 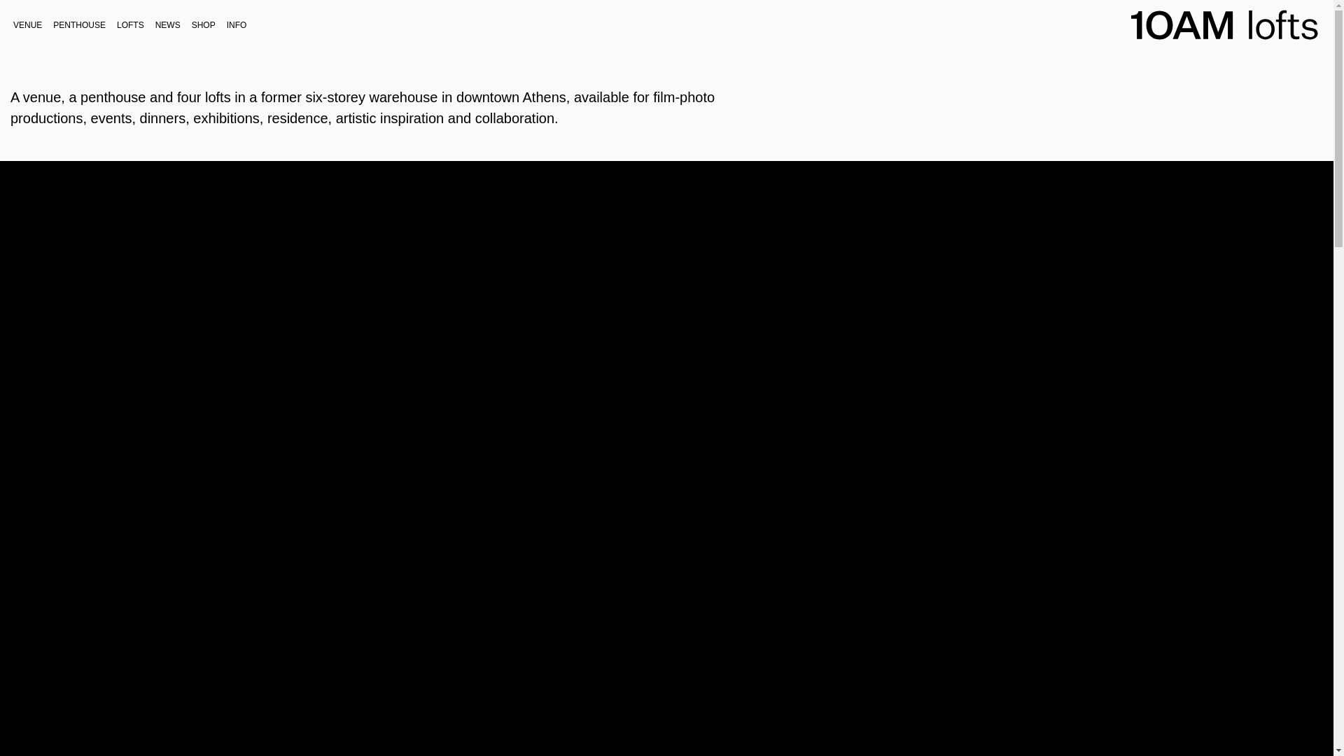 I want to click on 'LOFTS', so click(x=130, y=24).